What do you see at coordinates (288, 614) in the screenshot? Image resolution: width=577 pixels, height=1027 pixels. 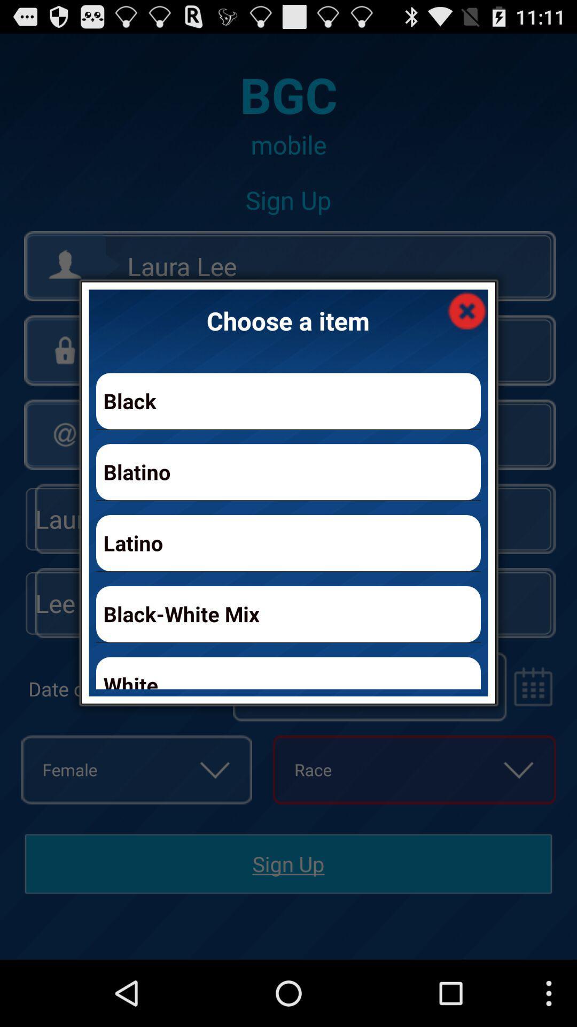 I see `black-white mix item` at bounding box center [288, 614].